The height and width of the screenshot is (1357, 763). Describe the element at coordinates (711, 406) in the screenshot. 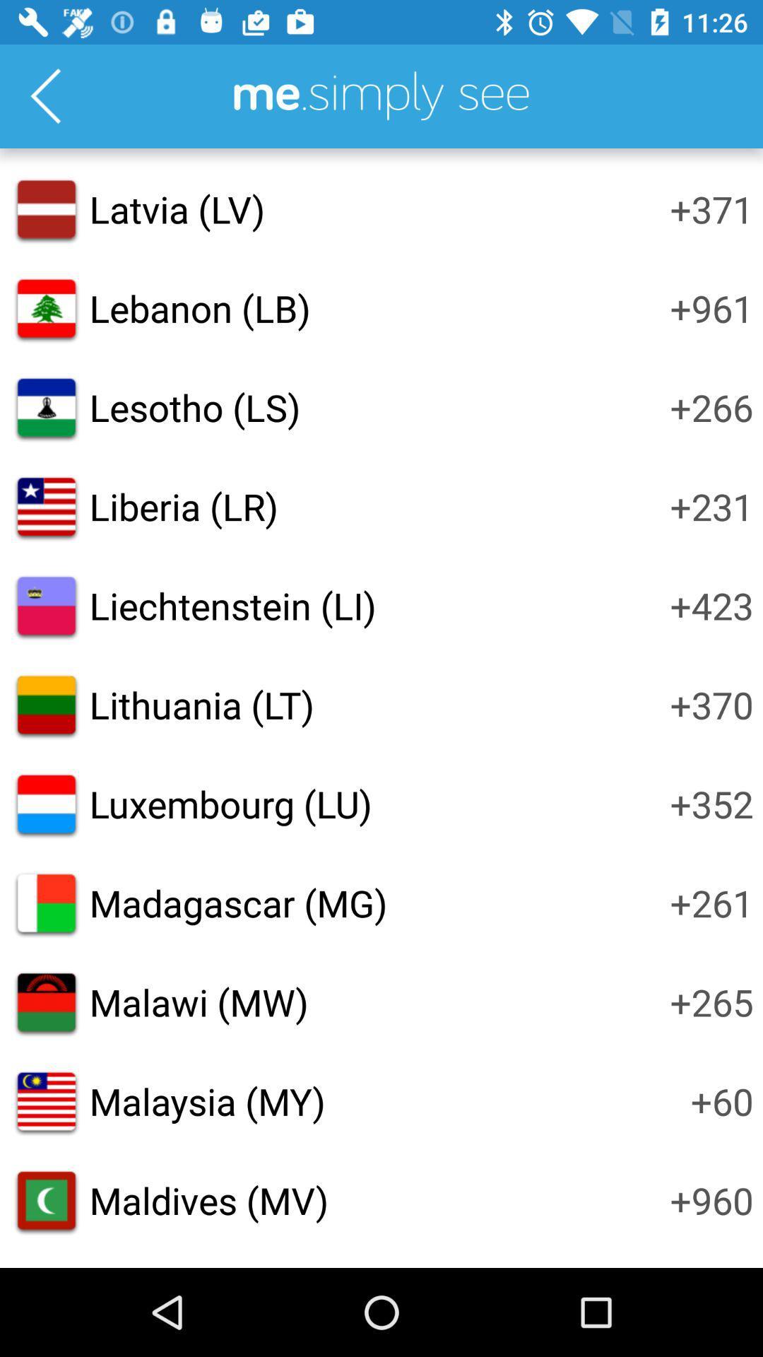

I see `icon to the right of the lesotho (ls) item` at that location.